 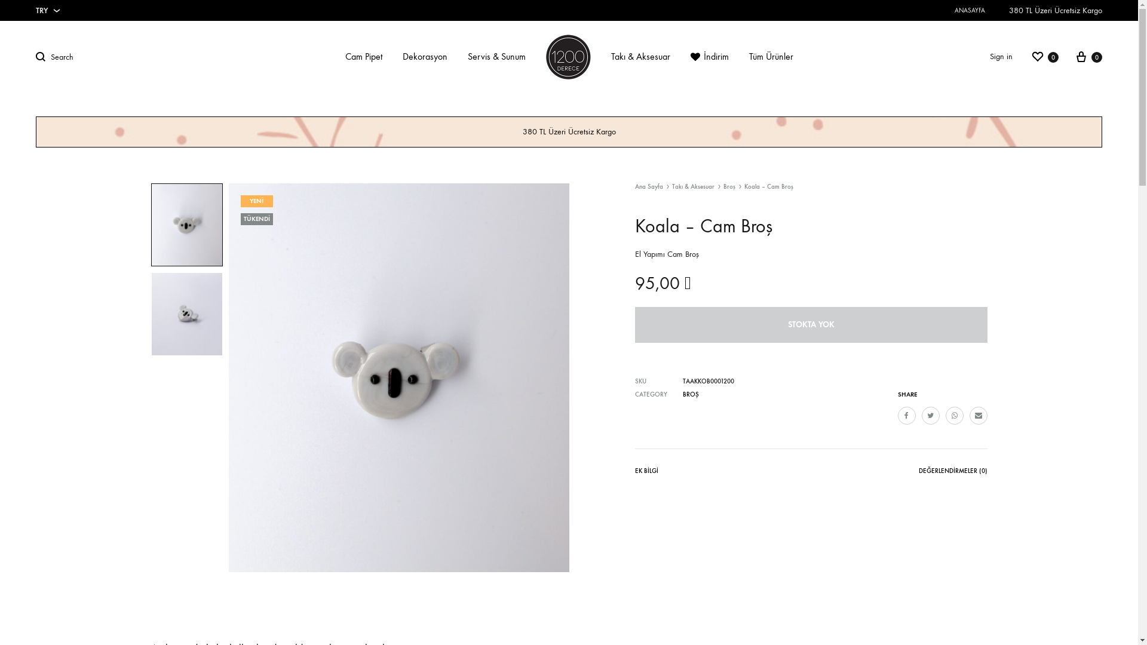 What do you see at coordinates (648, 186) in the screenshot?
I see `'Ana Sayfa'` at bounding box center [648, 186].